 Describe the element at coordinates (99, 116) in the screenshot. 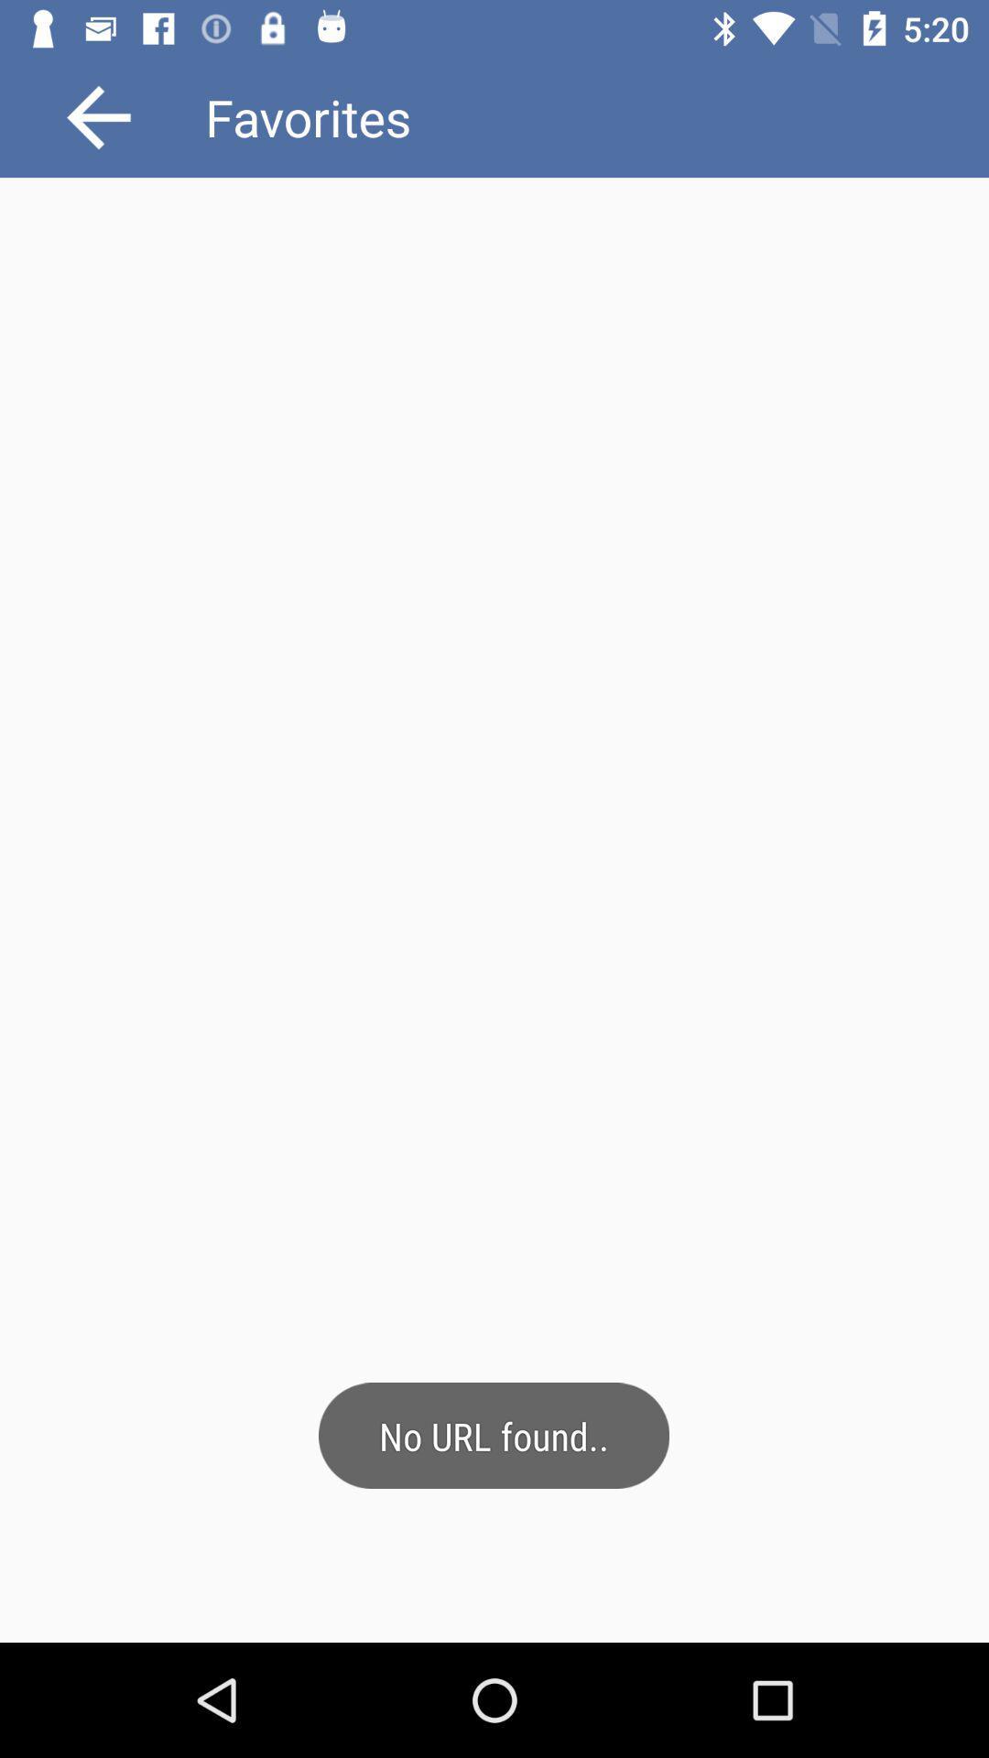

I see `the arrow_backward icon` at that location.